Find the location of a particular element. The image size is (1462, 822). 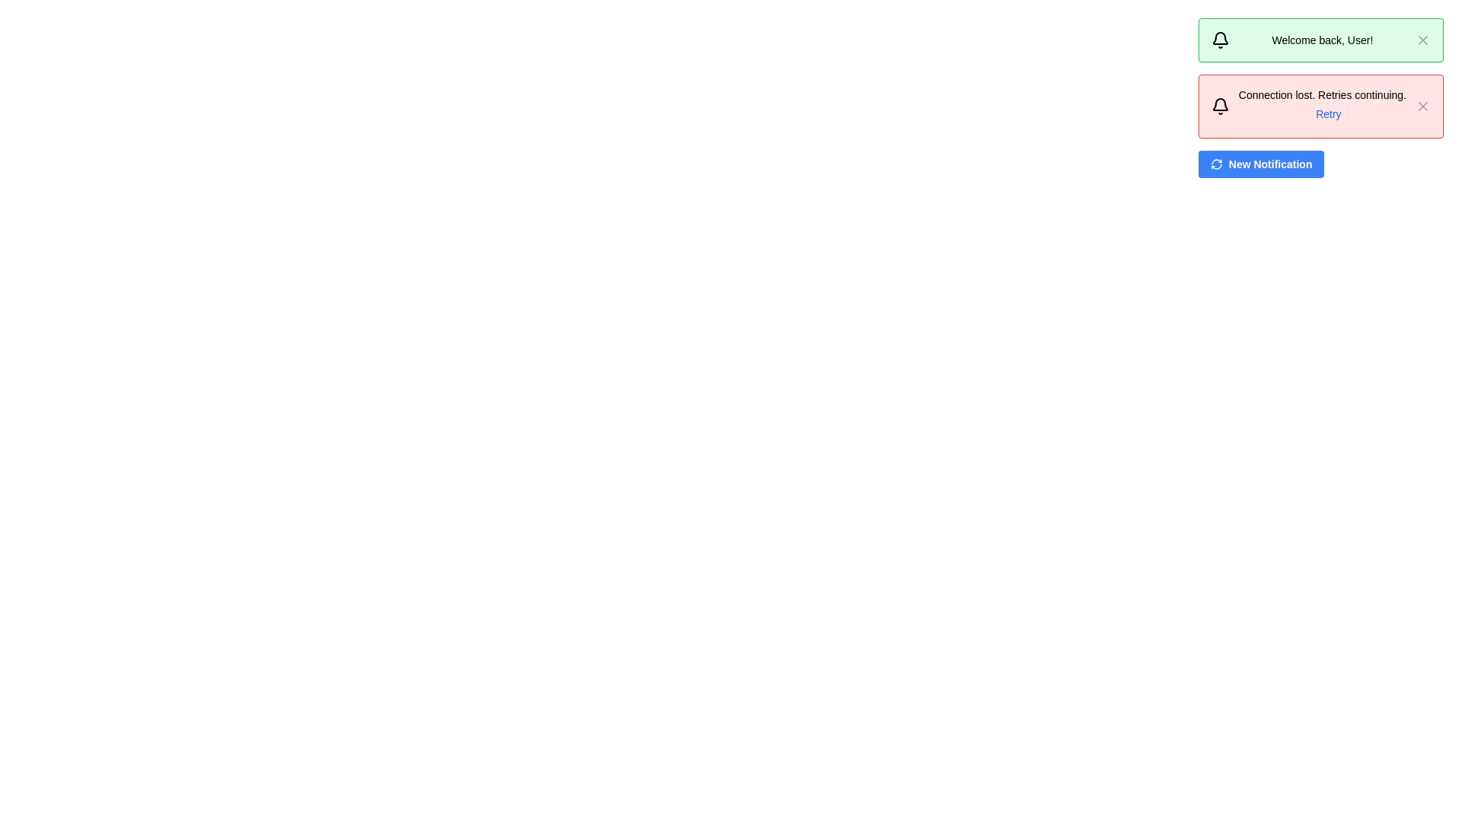

the 'Retry' button located to the far right of the notification box, which allows users to manually retry a connection or an action after a failure is located at coordinates (1321, 113).